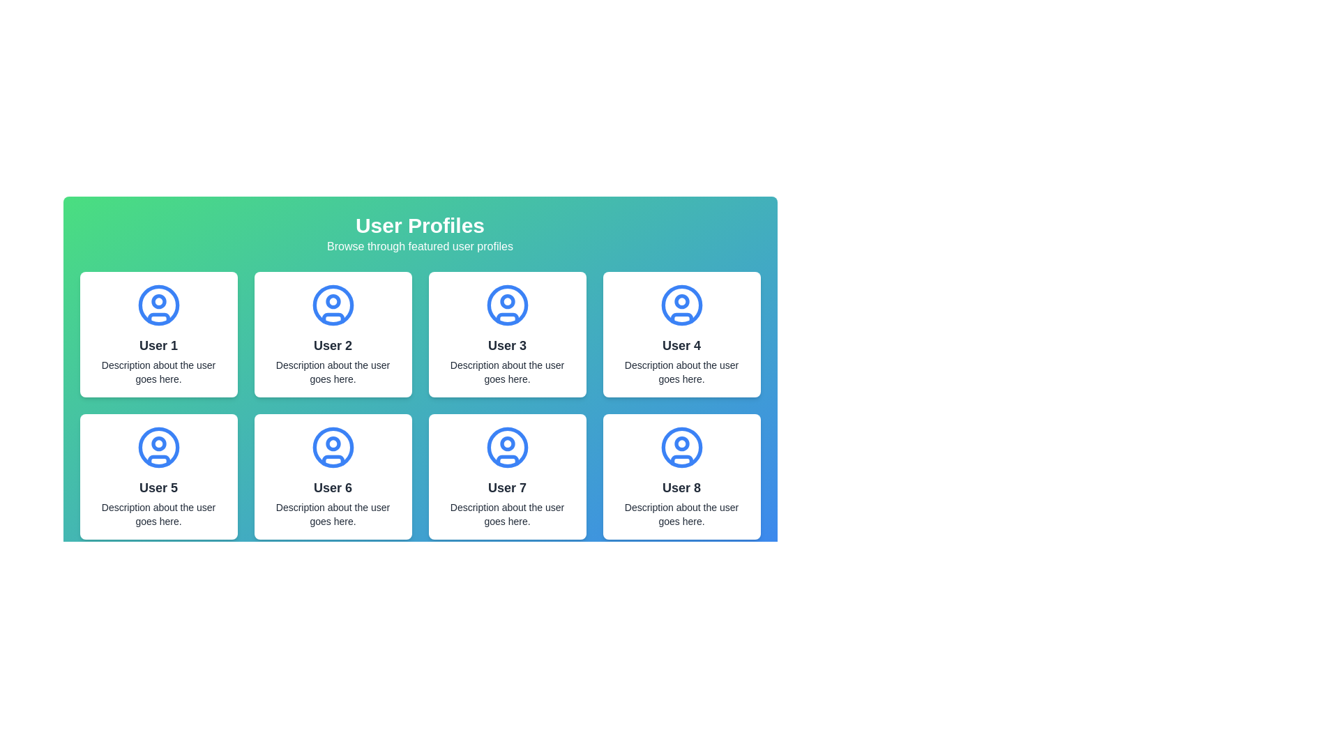 Image resolution: width=1339 pixels, height=753 pixels. What do you see at coordinates (506, 514) in the screenshot?
I see `the text label displaying additional context for 'User 7' in the user profile card, located in the lower section below the username` at bounding box center [506, 514].